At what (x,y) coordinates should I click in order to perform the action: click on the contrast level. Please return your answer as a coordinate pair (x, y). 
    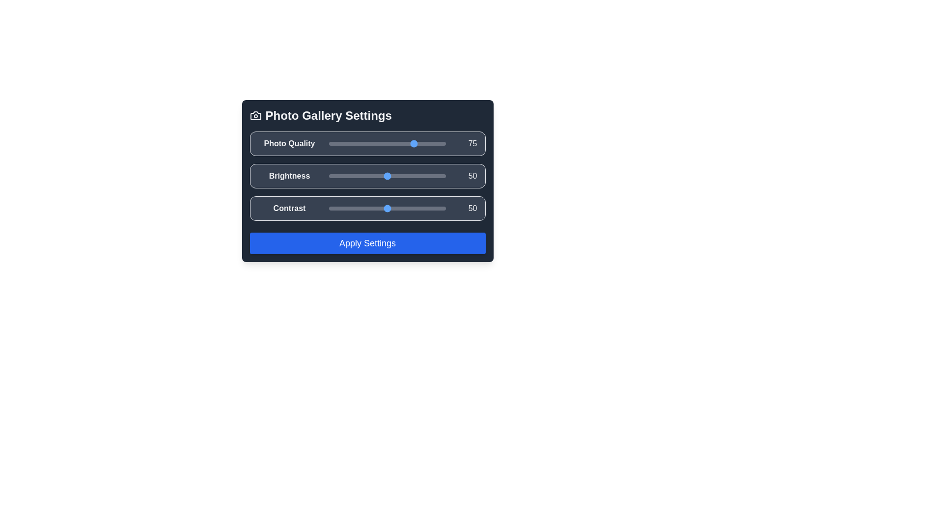
    Looking at the image, I should click on (338, 208).